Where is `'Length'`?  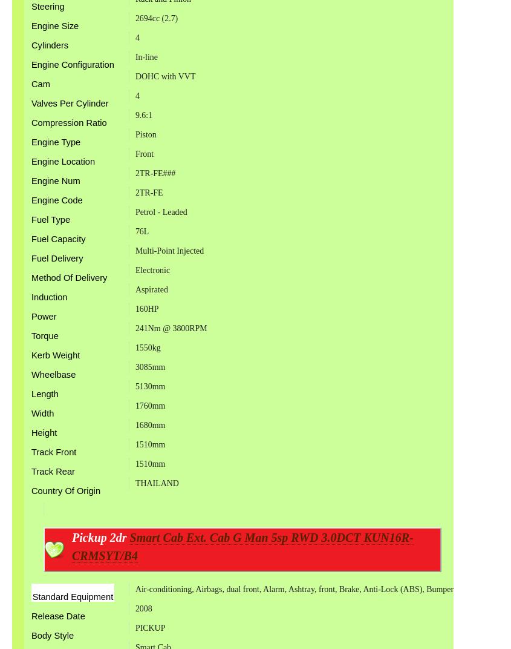 'Length' is located at coordinates (44, 394).